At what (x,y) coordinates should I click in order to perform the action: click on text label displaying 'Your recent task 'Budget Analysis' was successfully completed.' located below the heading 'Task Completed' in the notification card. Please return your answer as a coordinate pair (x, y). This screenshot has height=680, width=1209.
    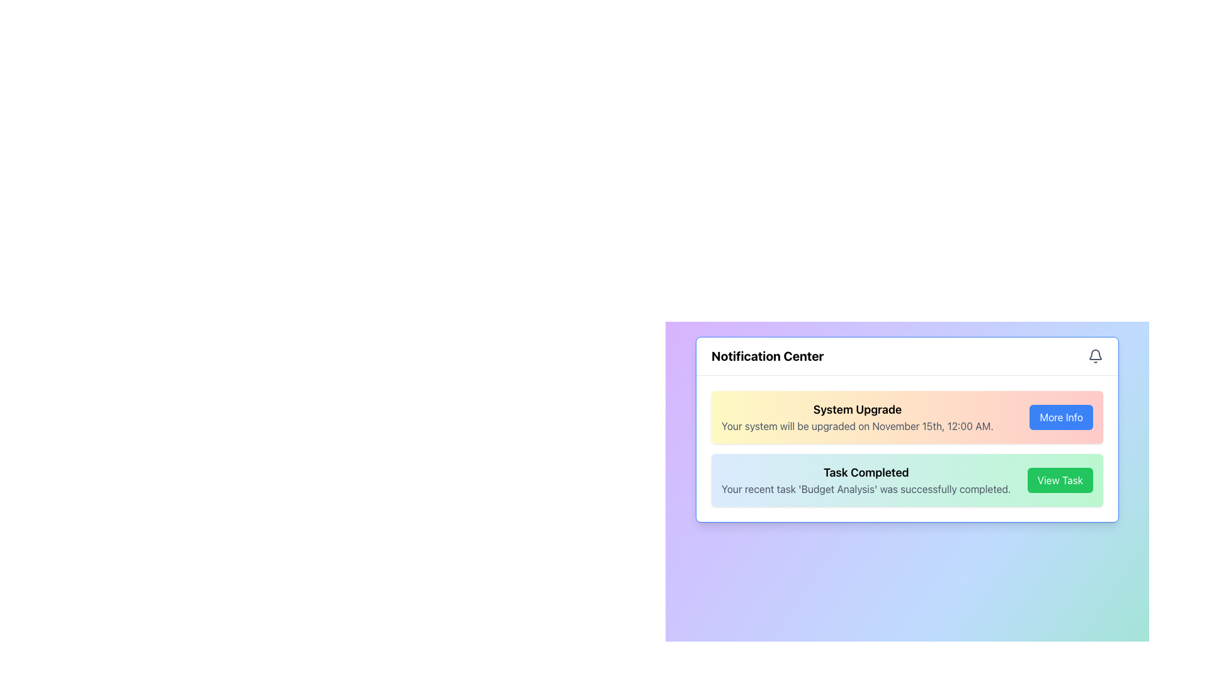
    Looking at the image, I should click on (865, 488).